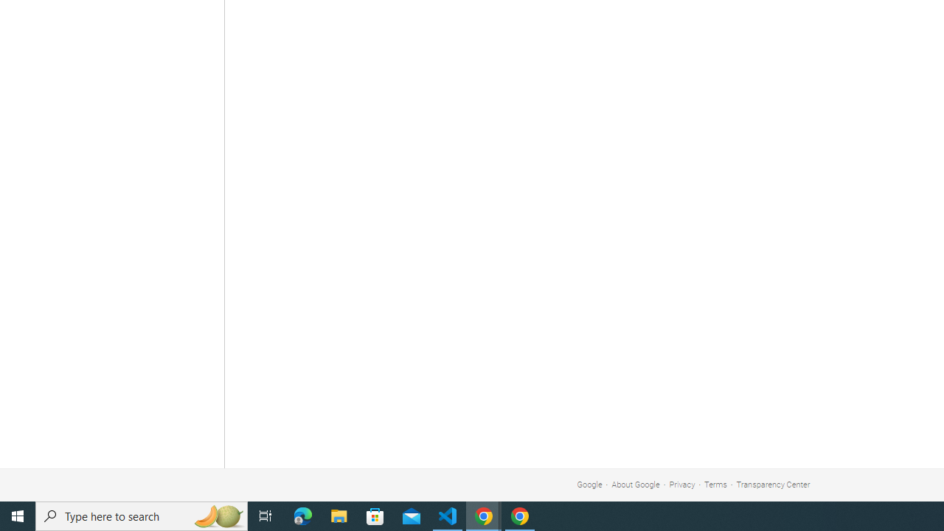 The height and width of the screenshot is (531, 944). Describe the element at coordinates (772, 485) in the screenshot. I see `'Transparency Center'` at that location.